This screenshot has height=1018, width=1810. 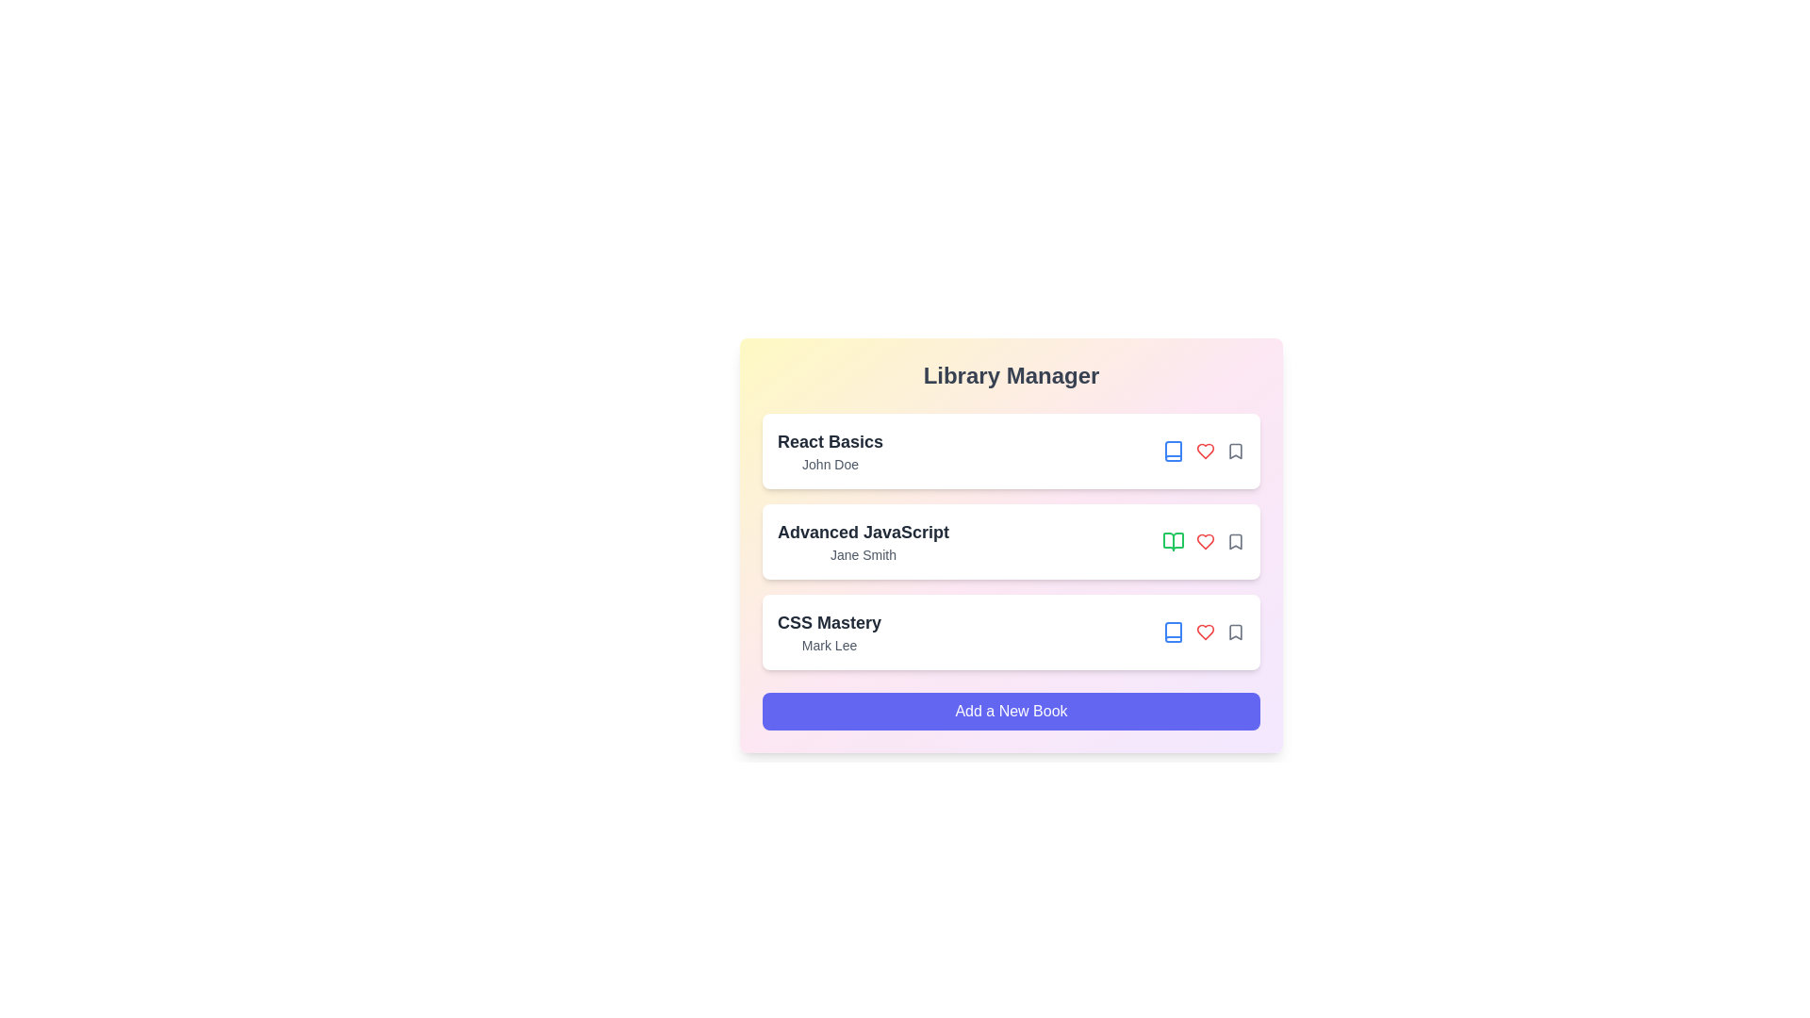 I want to click on the bookmark icon for the book titled 'Advanced JavaScript', so click(x=1235, y=541).